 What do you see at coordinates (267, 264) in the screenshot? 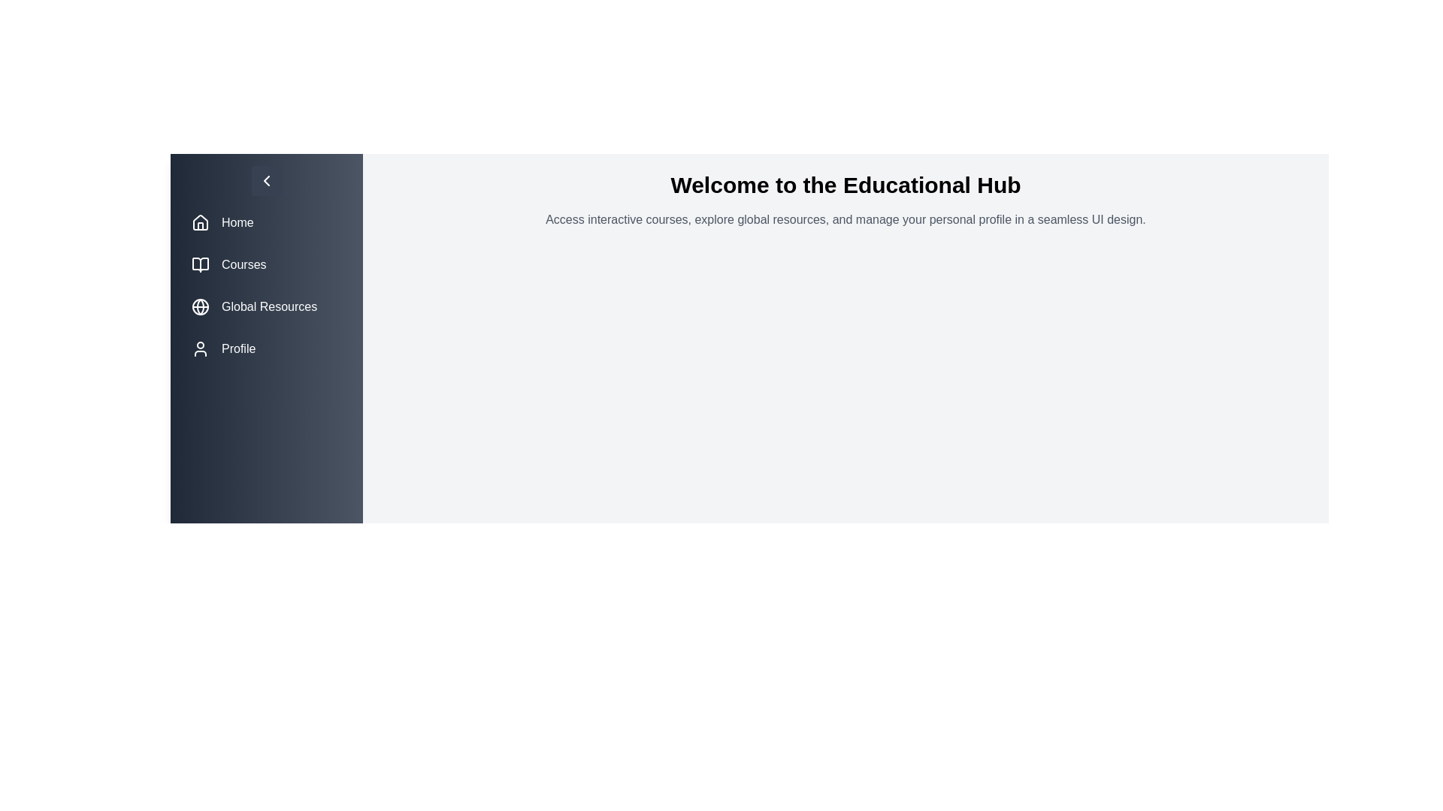
I see `the navigation item labeled Courses` at bounding box center [267, 264].